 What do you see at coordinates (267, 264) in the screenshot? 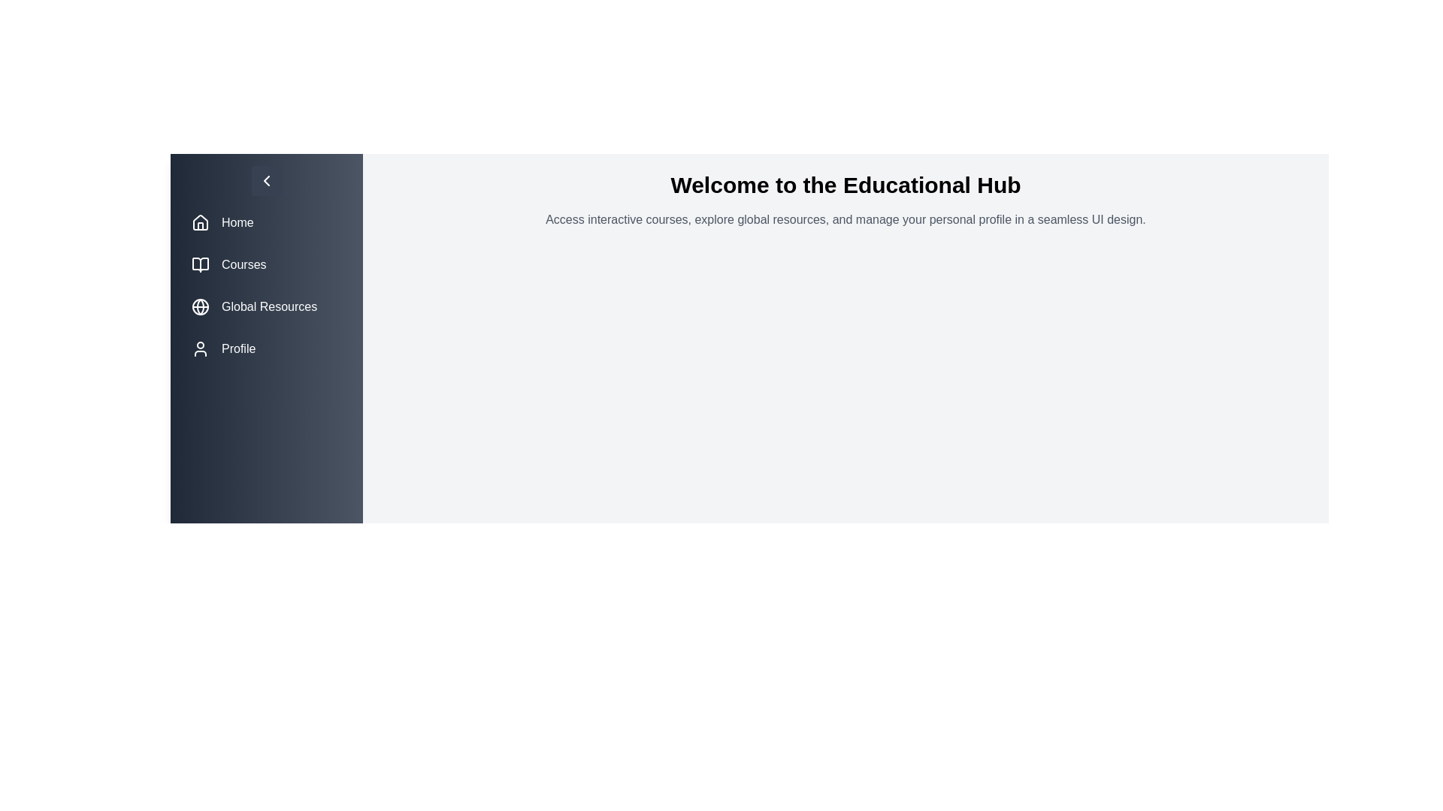
I see `the navigation item labeled Courses` at bounding box center [267, 264].